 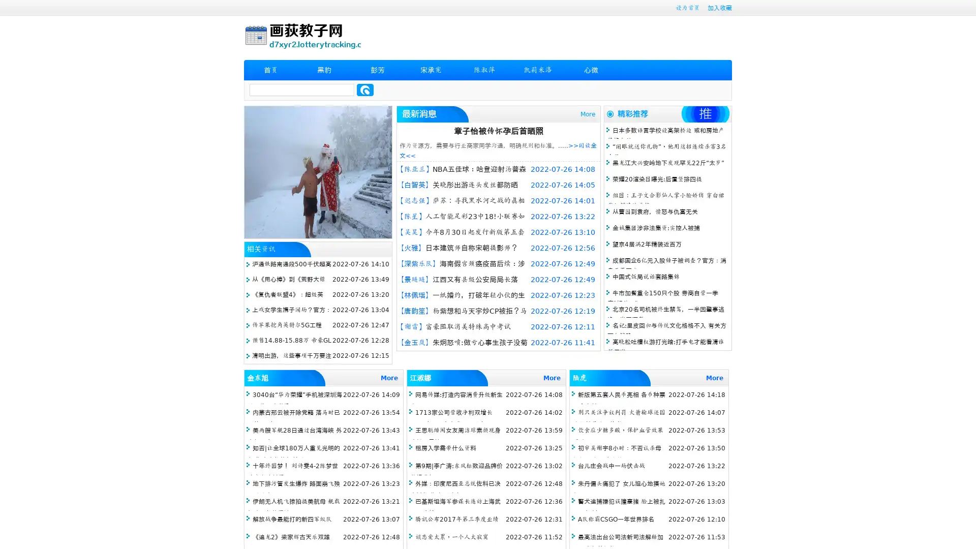 What do you see at coordinates (365, 89) in the screenshot?
I see `Search` at bounding box center [365, 89].